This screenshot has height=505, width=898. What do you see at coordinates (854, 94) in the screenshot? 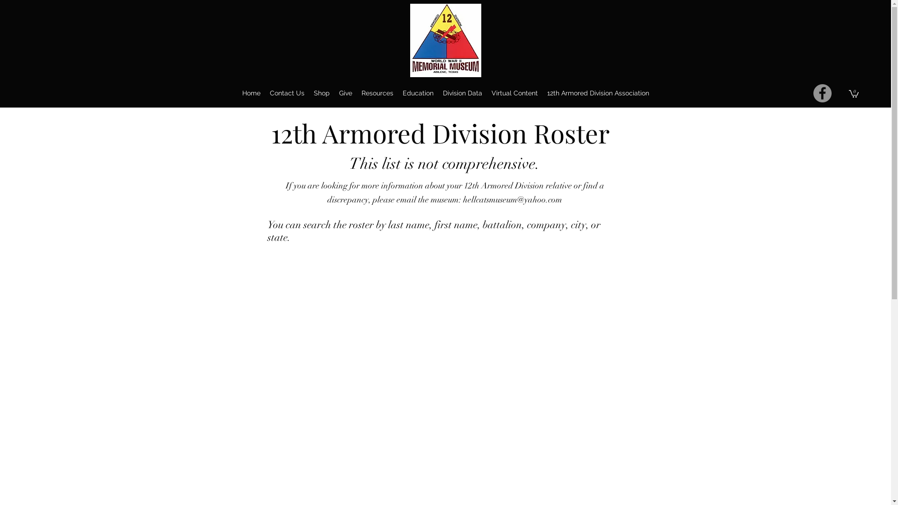
I see `'0'` at bounding box center [854, 94].